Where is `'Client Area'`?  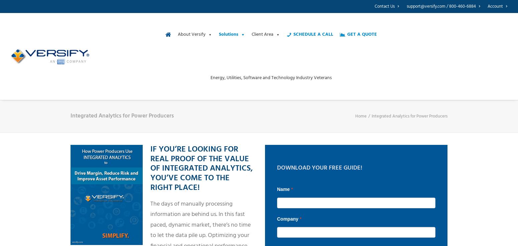 'Client Area' is located at coordinates (262, 34).